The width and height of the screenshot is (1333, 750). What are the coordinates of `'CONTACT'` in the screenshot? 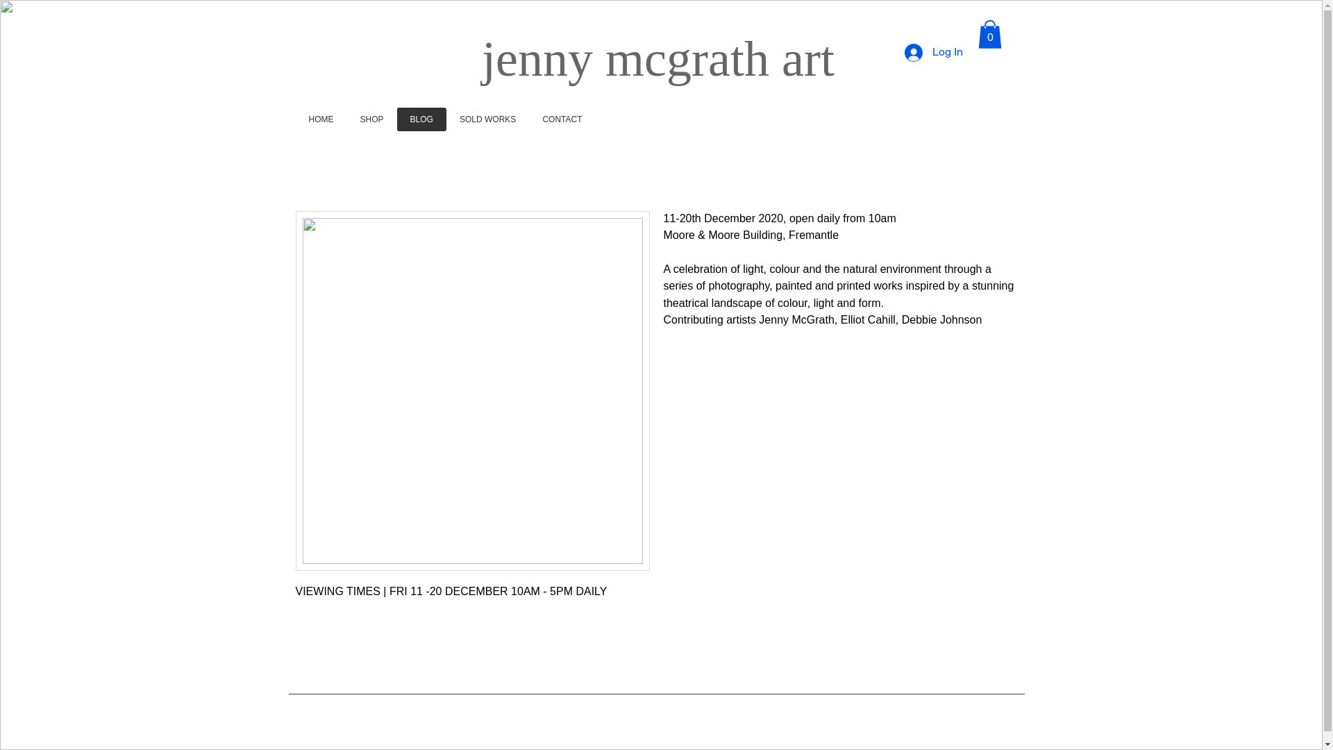 It's located at (562, 119).